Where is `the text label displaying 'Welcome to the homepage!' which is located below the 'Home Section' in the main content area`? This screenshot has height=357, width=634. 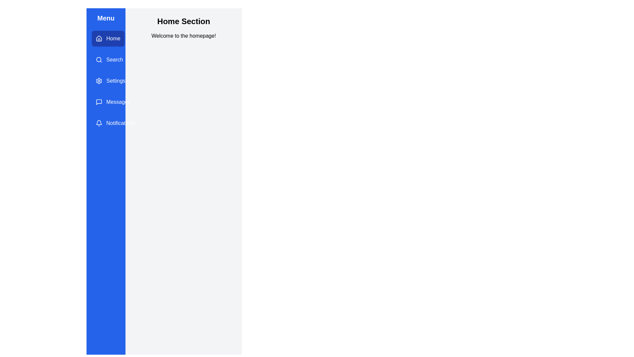
the text label displaying 'Welcome to the homepage!' which is located below the 'Home Section' in the main content area is located at coordinates (184, 36).